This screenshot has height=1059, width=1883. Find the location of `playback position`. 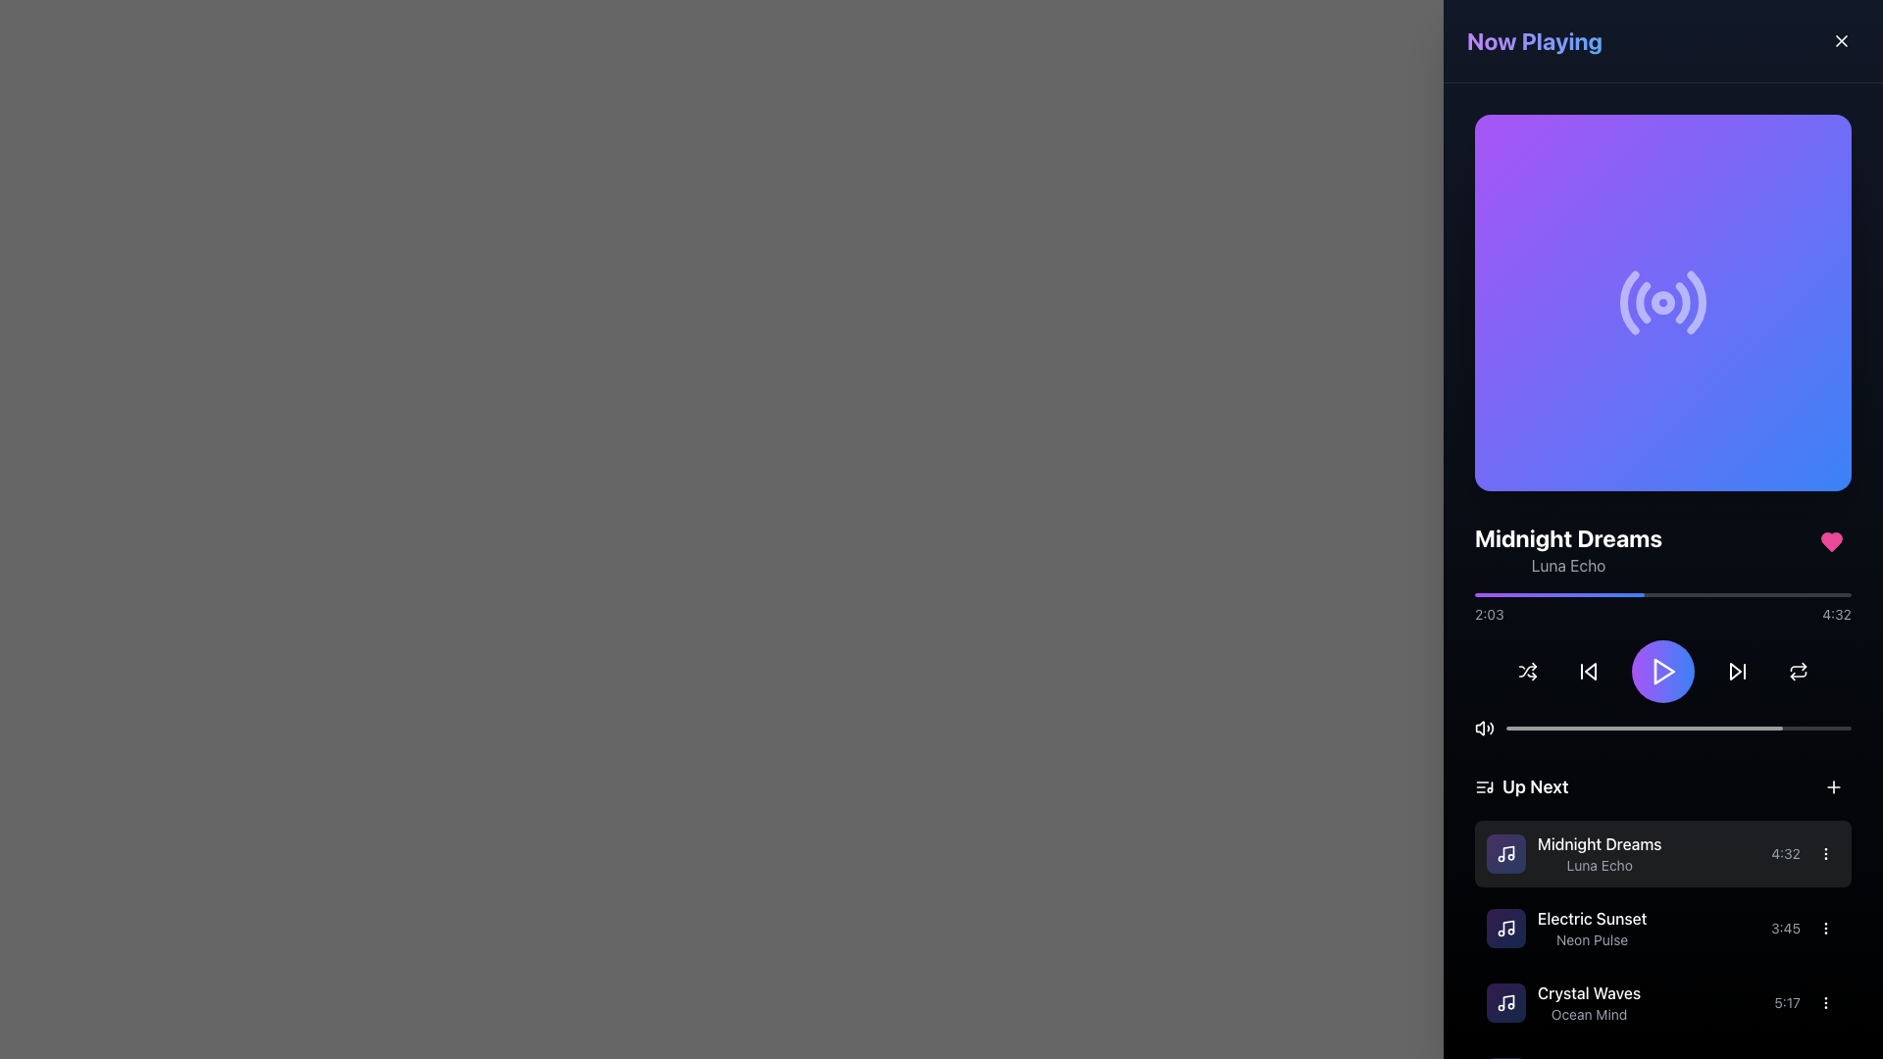

playback position is located at coordinates (1771, 729).